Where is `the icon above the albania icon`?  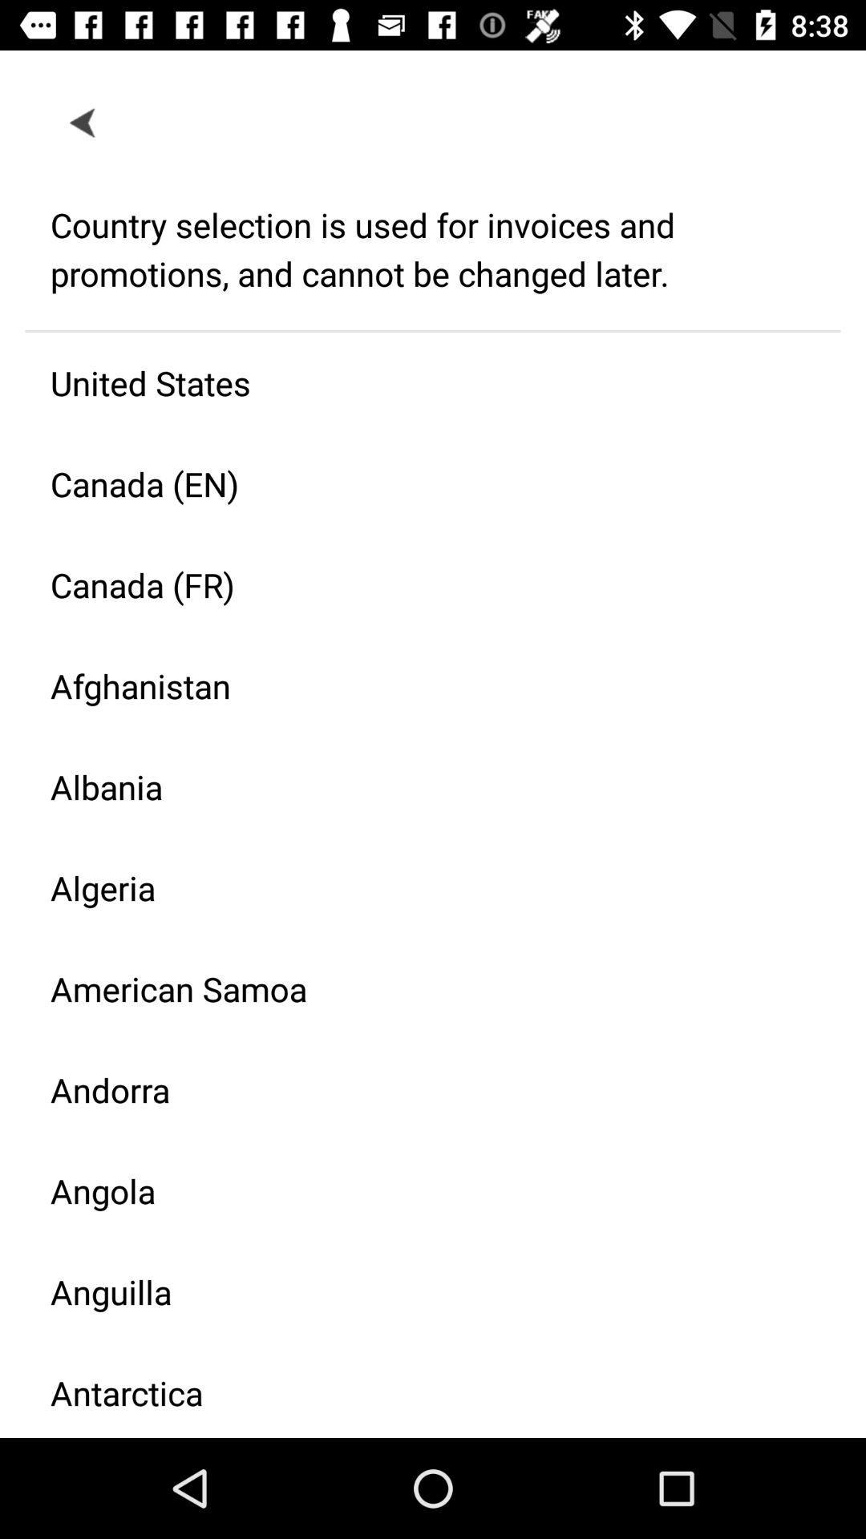
the icon above the albania icon is located at coordinates (419, 685).